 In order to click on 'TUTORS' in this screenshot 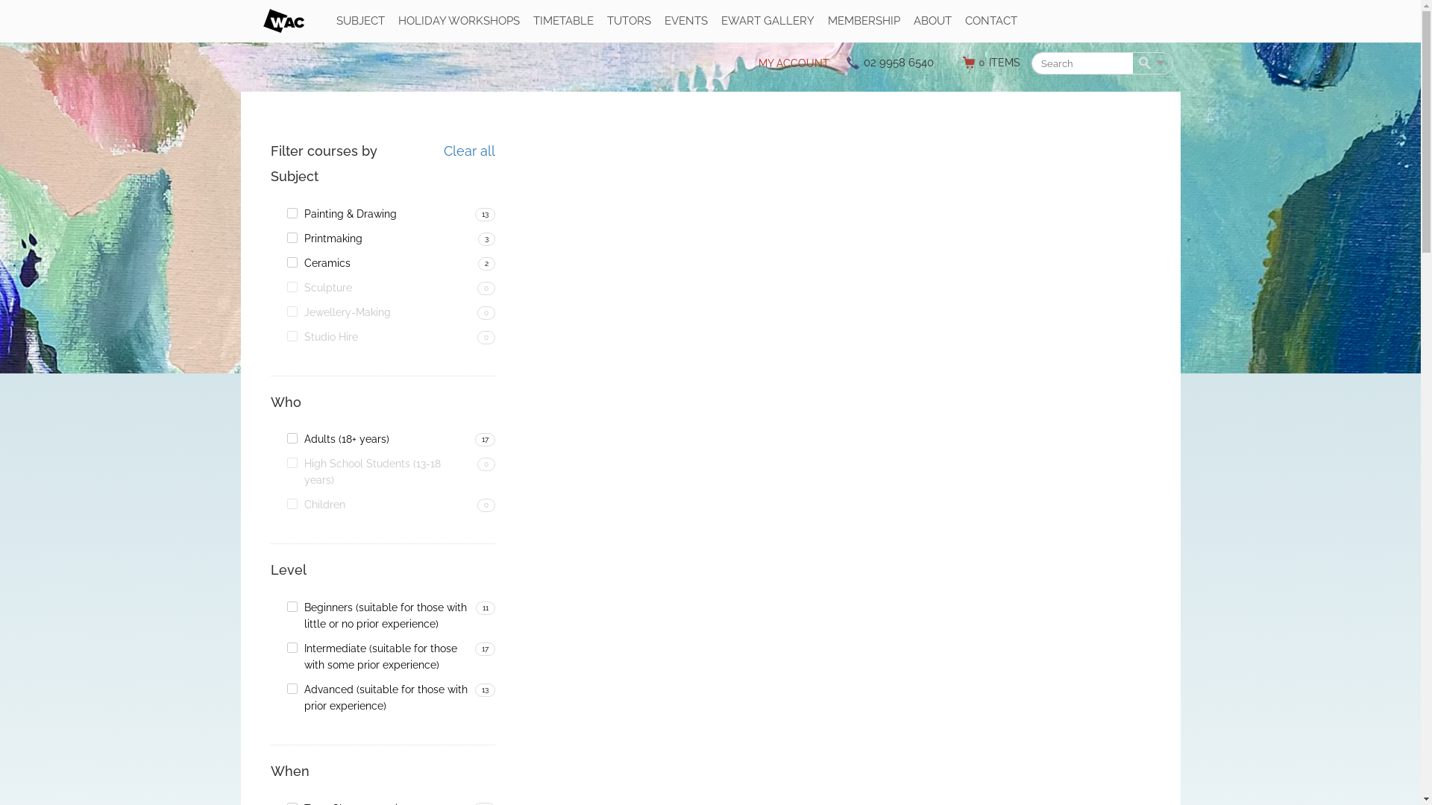, I will do `click(601, 20)`.